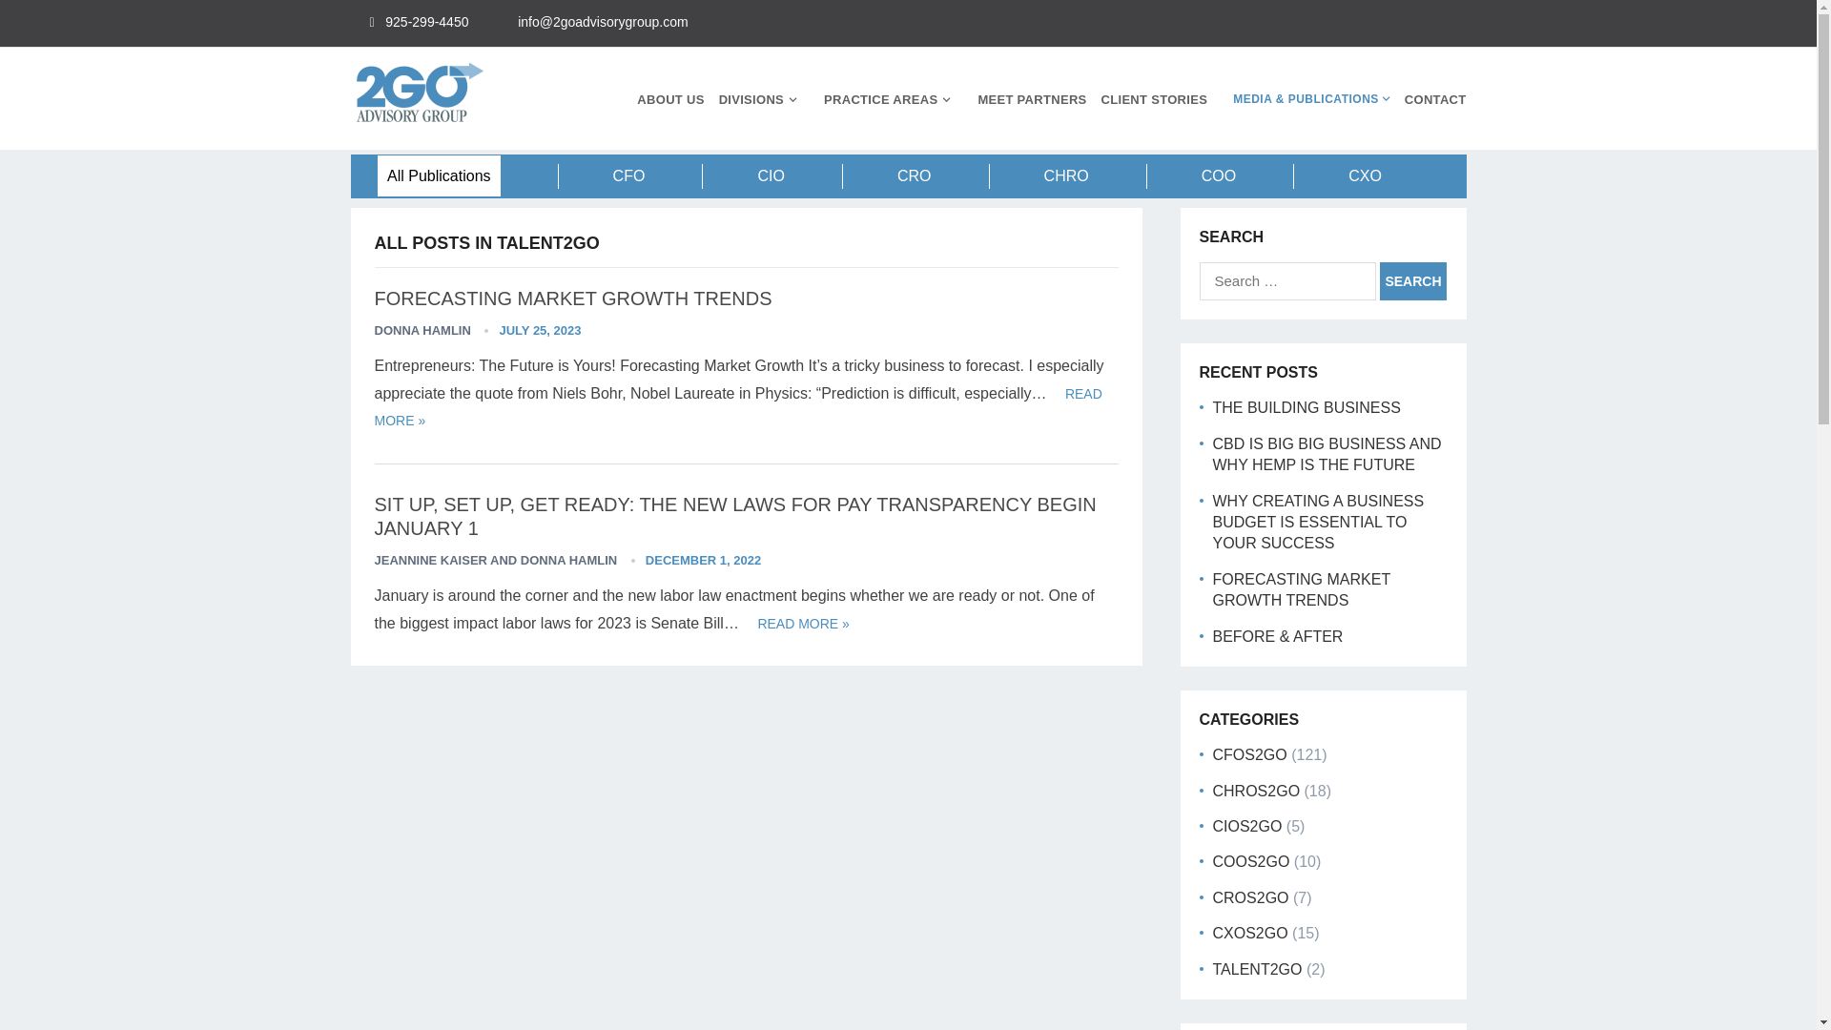  Describe the element at coordinates (977, 99) in the screenshot. I see `'MEET PARTNERS'` at that location.